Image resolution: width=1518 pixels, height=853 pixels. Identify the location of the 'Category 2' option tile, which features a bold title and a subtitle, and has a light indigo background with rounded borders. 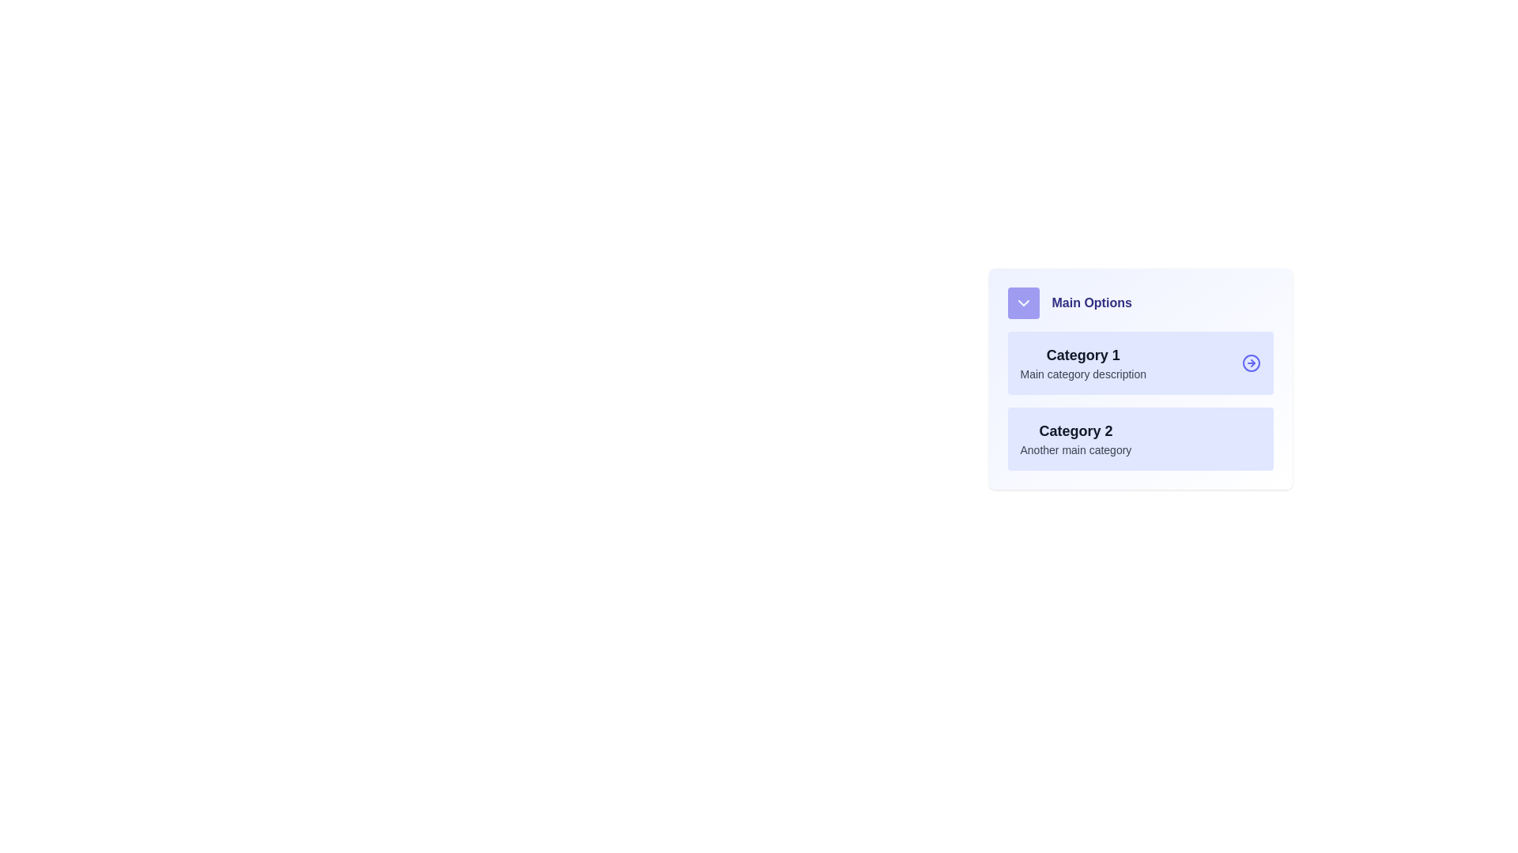
(1140, 438).